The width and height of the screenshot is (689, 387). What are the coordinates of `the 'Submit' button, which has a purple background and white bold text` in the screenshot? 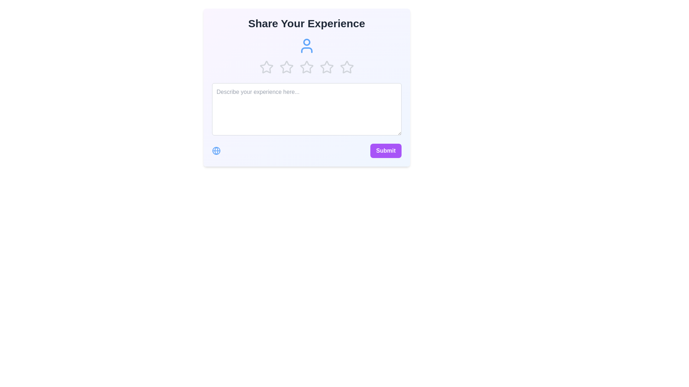 It's located at (385, 150).